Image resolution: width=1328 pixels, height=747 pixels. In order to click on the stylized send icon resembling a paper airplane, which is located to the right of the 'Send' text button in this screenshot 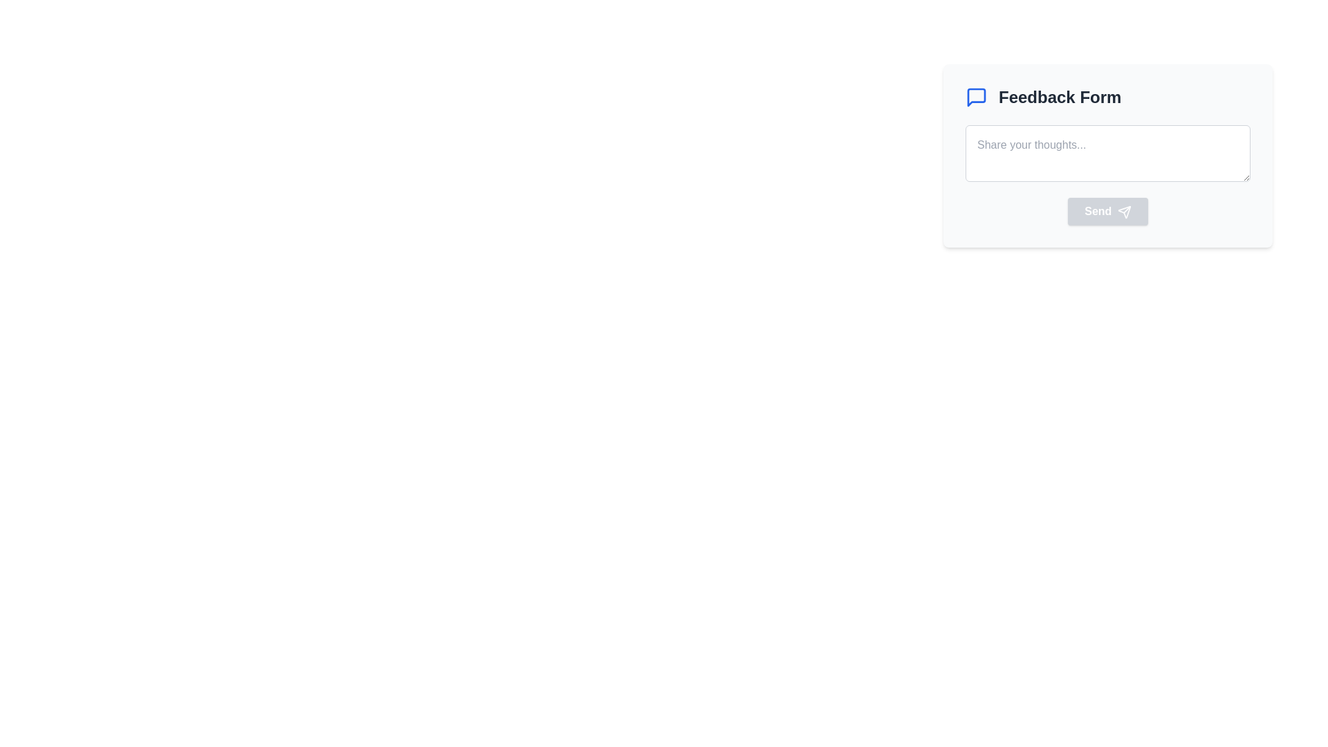, I will do `click(1124, 212)`.